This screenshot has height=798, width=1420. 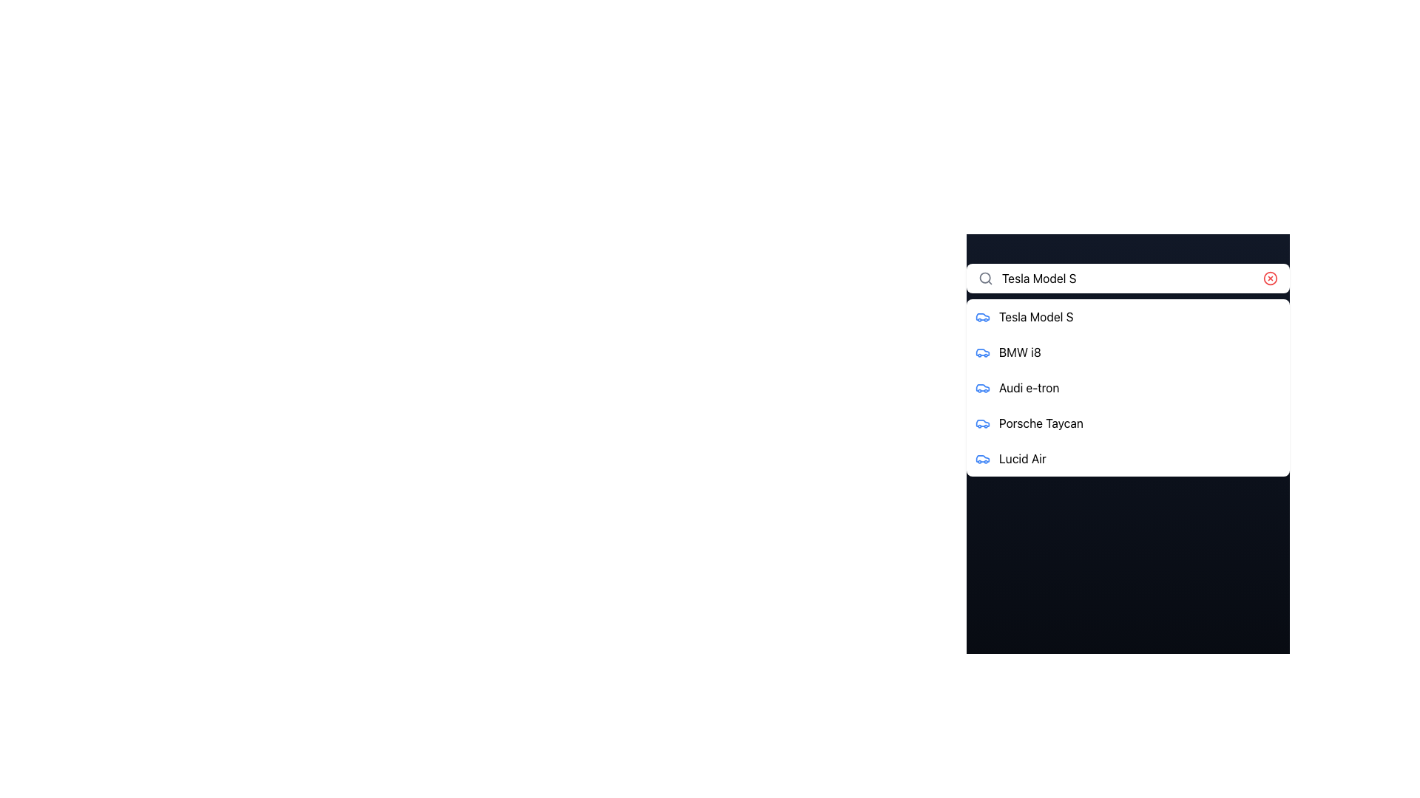 I want to click on the selectable list item named 'Lucid Air' in the dropdown menu, so click(x=1127, y=458).